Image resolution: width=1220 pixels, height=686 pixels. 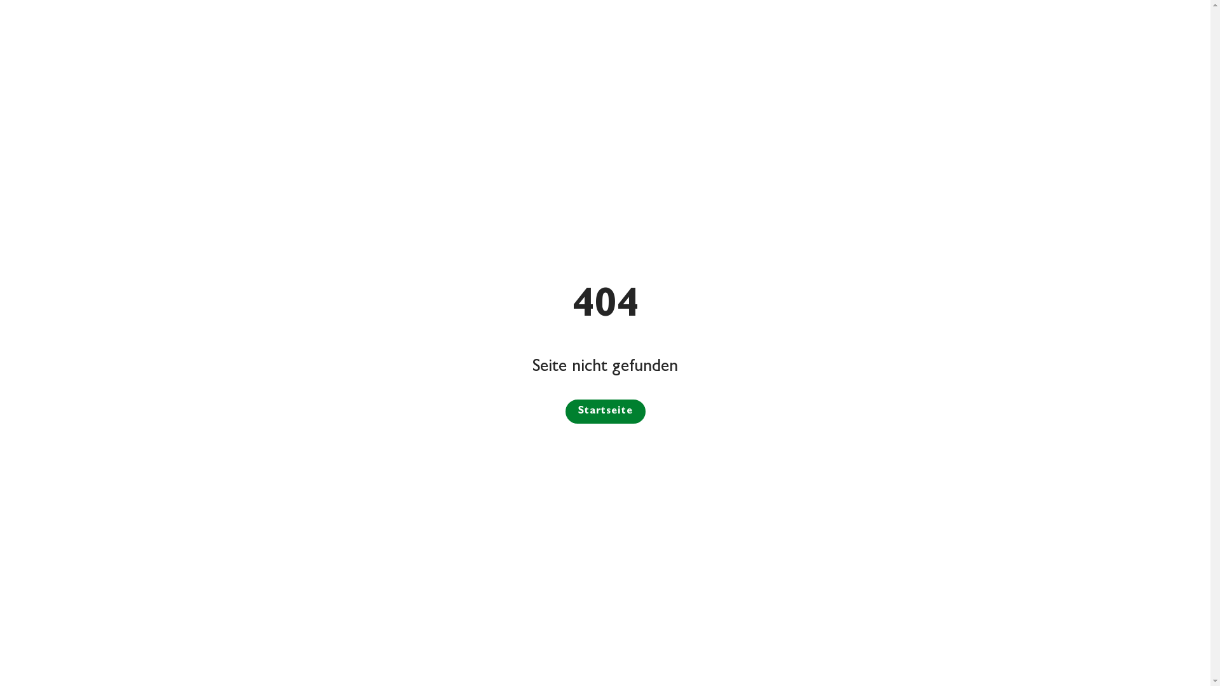 I want to click on 'Startseite', so click(x=605, y=412).